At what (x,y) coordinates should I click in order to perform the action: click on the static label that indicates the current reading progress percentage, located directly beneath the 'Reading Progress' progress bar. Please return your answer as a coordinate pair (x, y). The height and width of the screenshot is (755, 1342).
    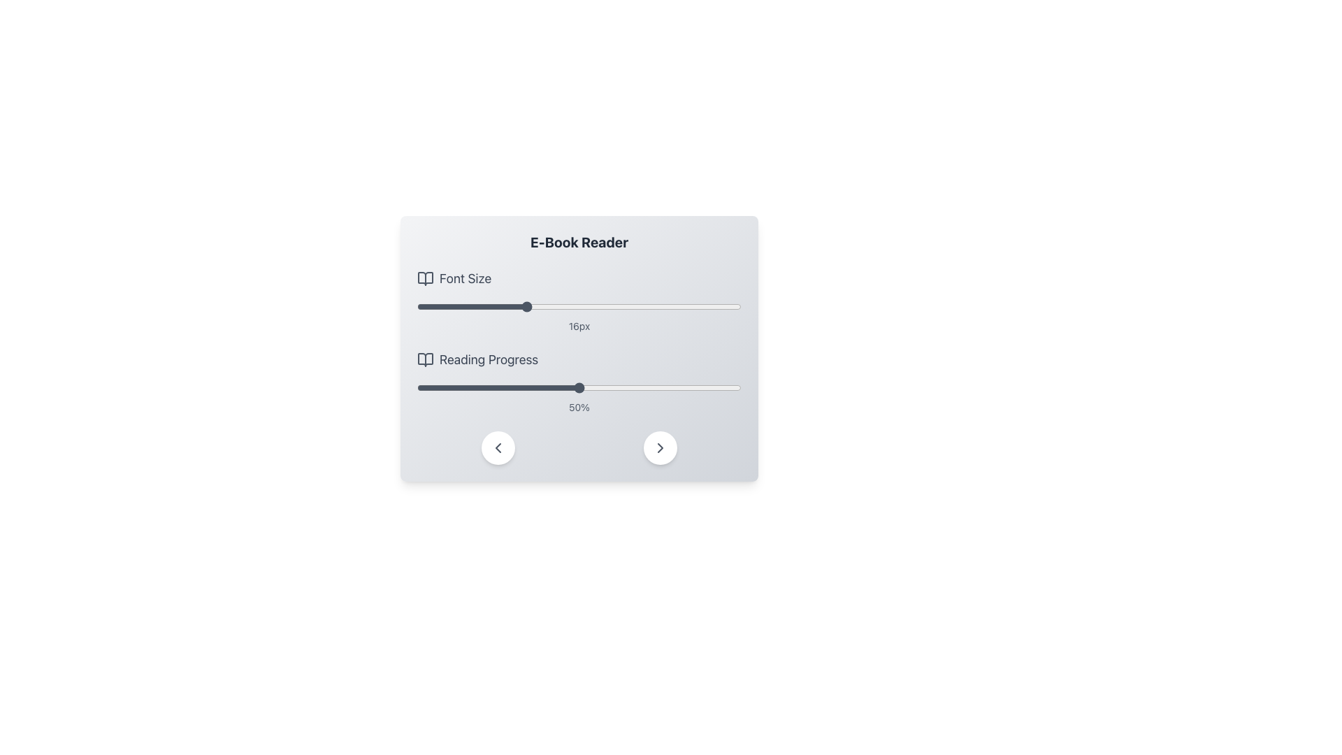
    Looking at the image, I should click on (579, 407).